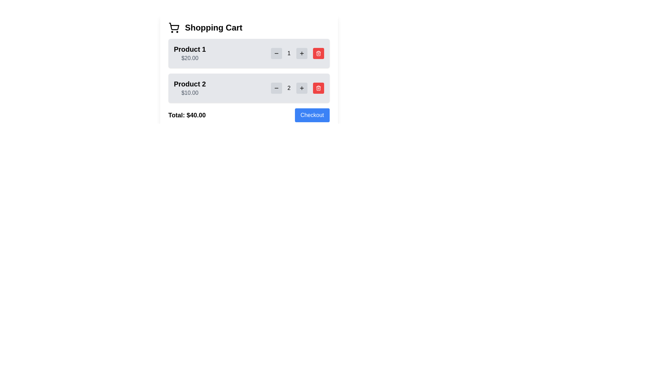  What do you see at coordinates (318, 88) in the screenshot?
I see `the red button with a trash bin icon located at the far right of the 'Product 2' section in the shopping cart` at bounding box center [318, 88].